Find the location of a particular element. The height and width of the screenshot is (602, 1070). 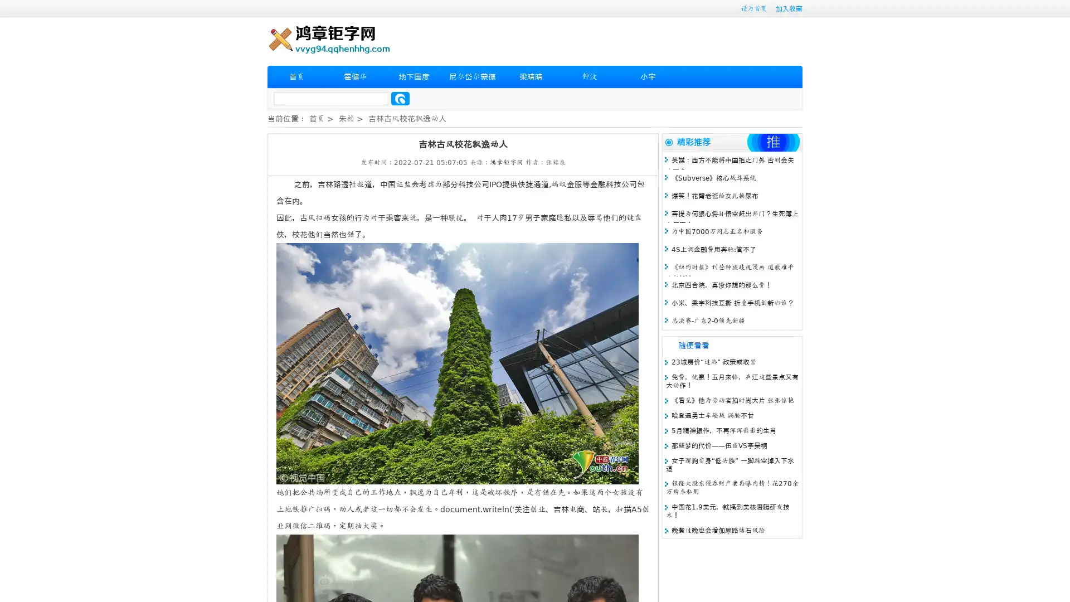

Search is located at coordinates (400, 98).